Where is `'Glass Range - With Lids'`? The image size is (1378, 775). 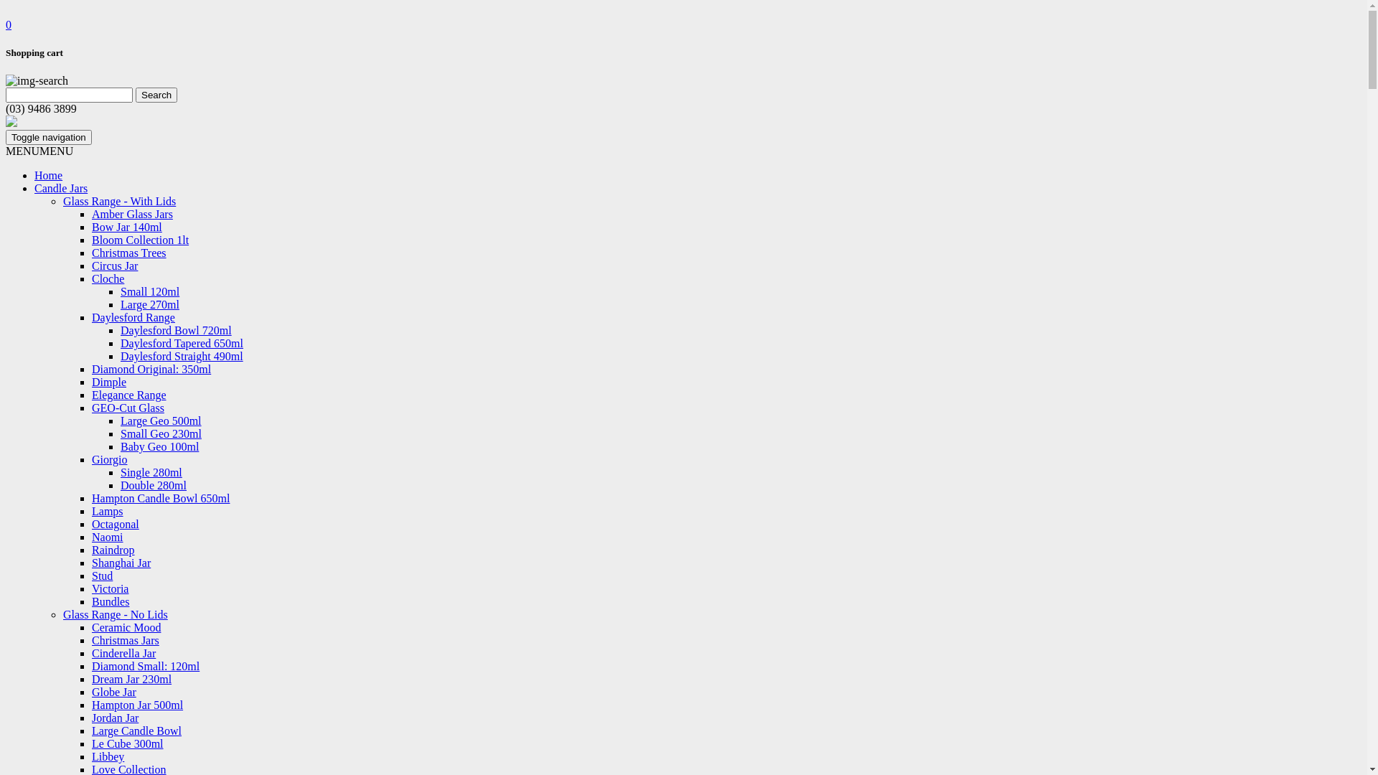
'Glass Range - With Lids' is located at coordinates (119, 201).